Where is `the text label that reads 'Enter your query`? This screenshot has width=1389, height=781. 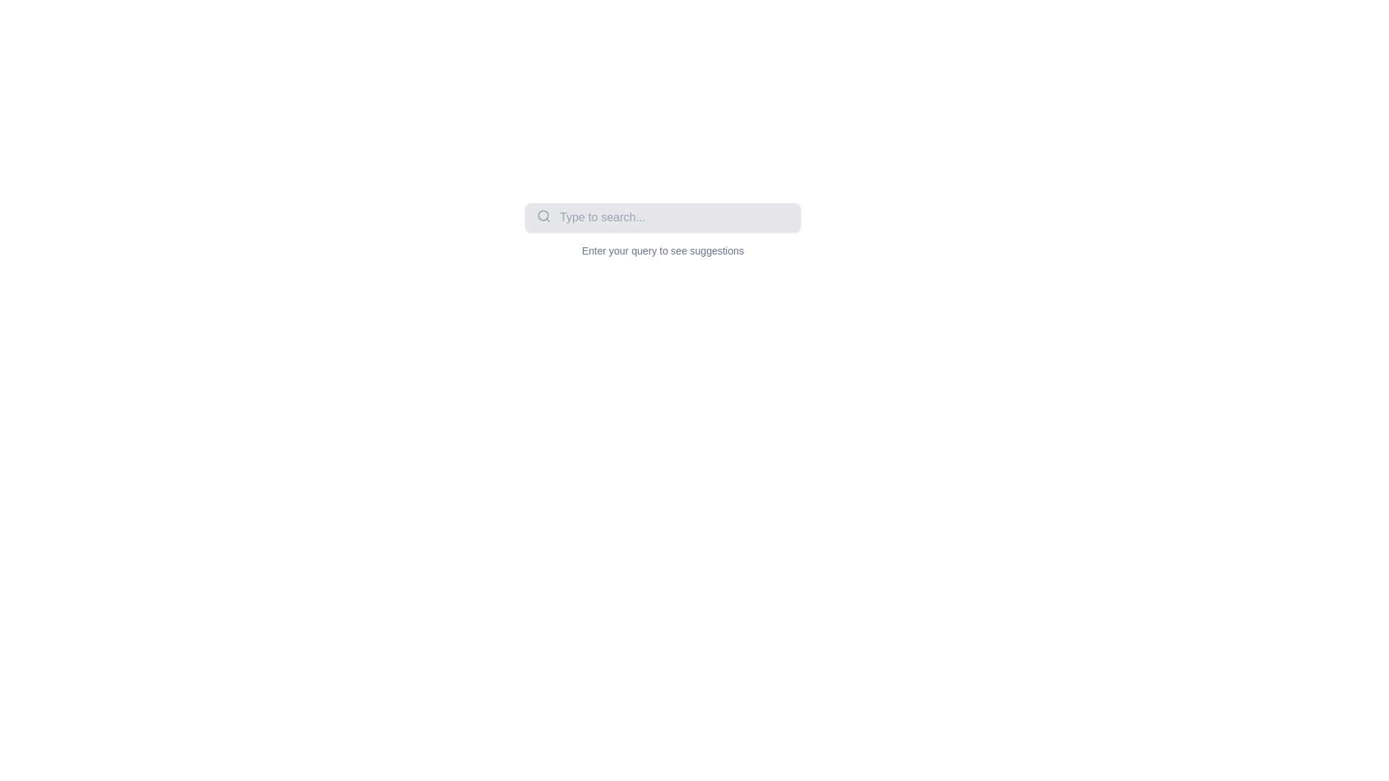 the text label that reads 'Enter your query is located at coordinates (662, 250).